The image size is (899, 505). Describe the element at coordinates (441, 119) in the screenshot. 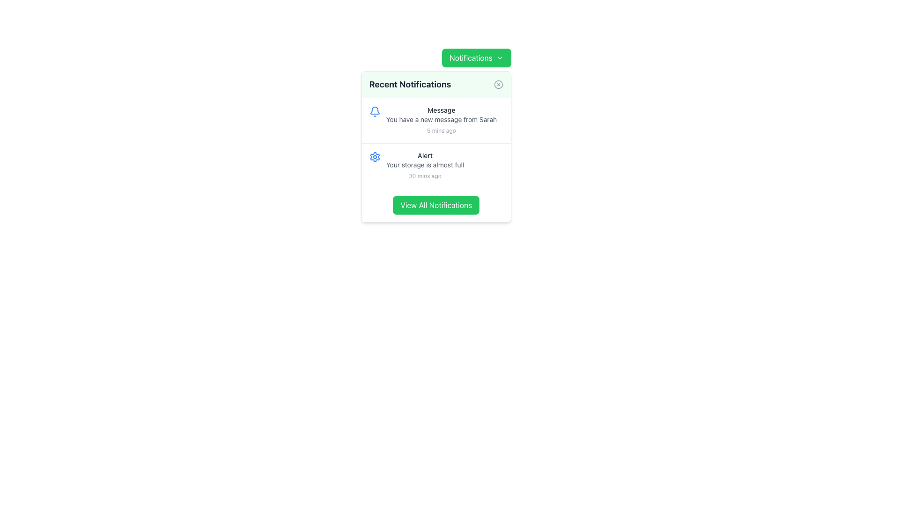

I see `the text element that provides additional information about the new message received, which is located below the title 'Message' and above the timestamp '5 mins ago' in the notification entry of the 'Recent Notifications' section` at that location.